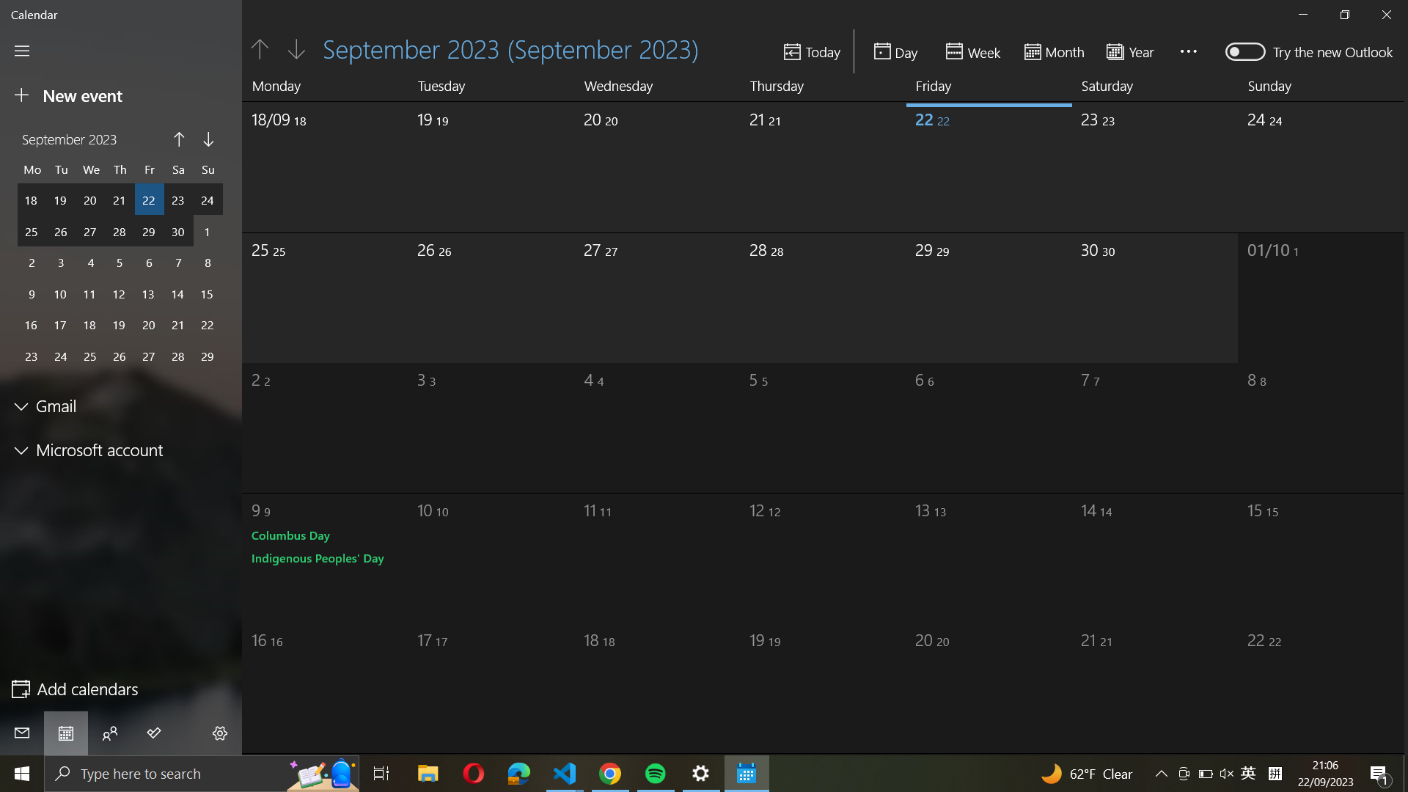 This screenshot has width=1408, height=792. I want to click on Go to the date labeled as 09/30, so click(1156, 161).